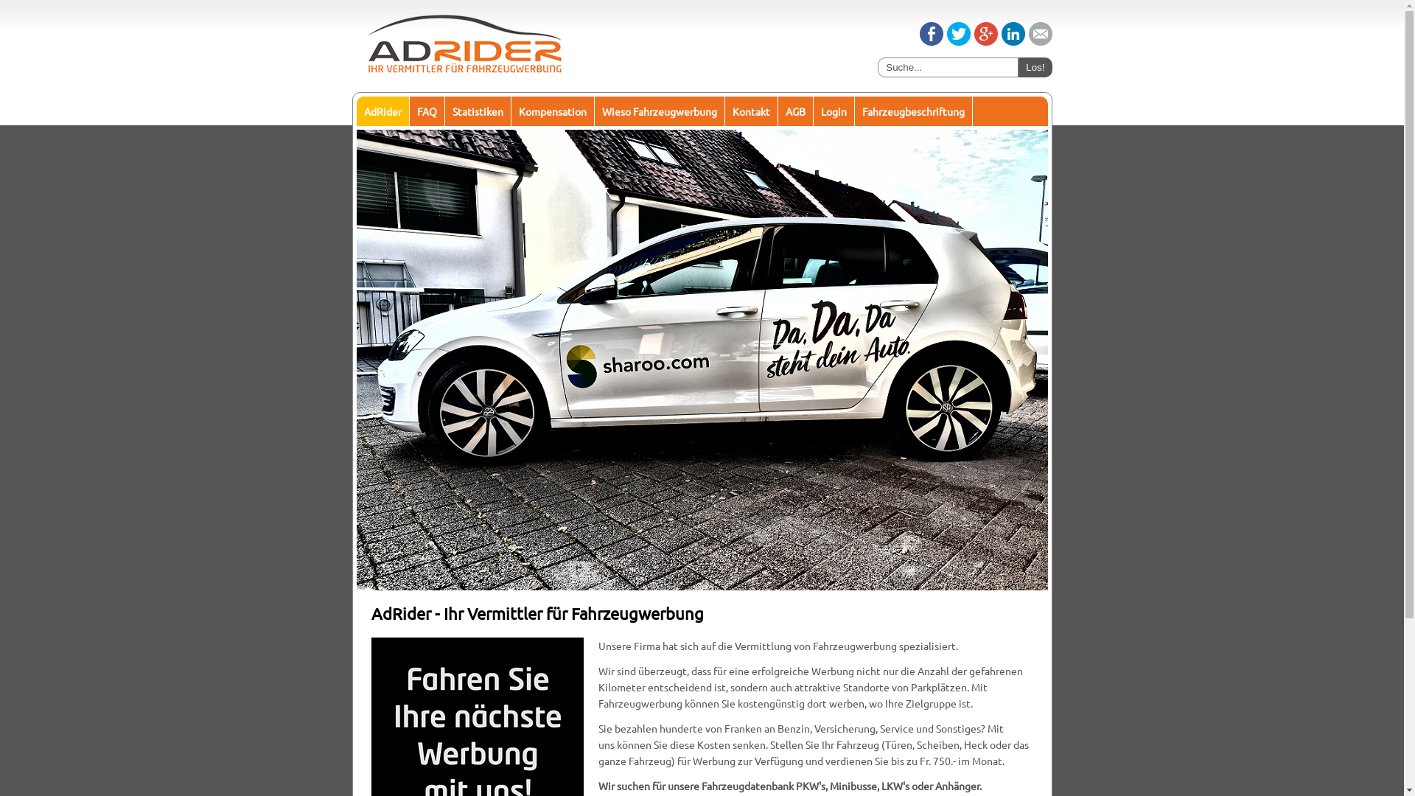  What do you see at coordinates (946, 41) in the screenshot?
I see `'Tweet'` at bounding box center [946, 41].